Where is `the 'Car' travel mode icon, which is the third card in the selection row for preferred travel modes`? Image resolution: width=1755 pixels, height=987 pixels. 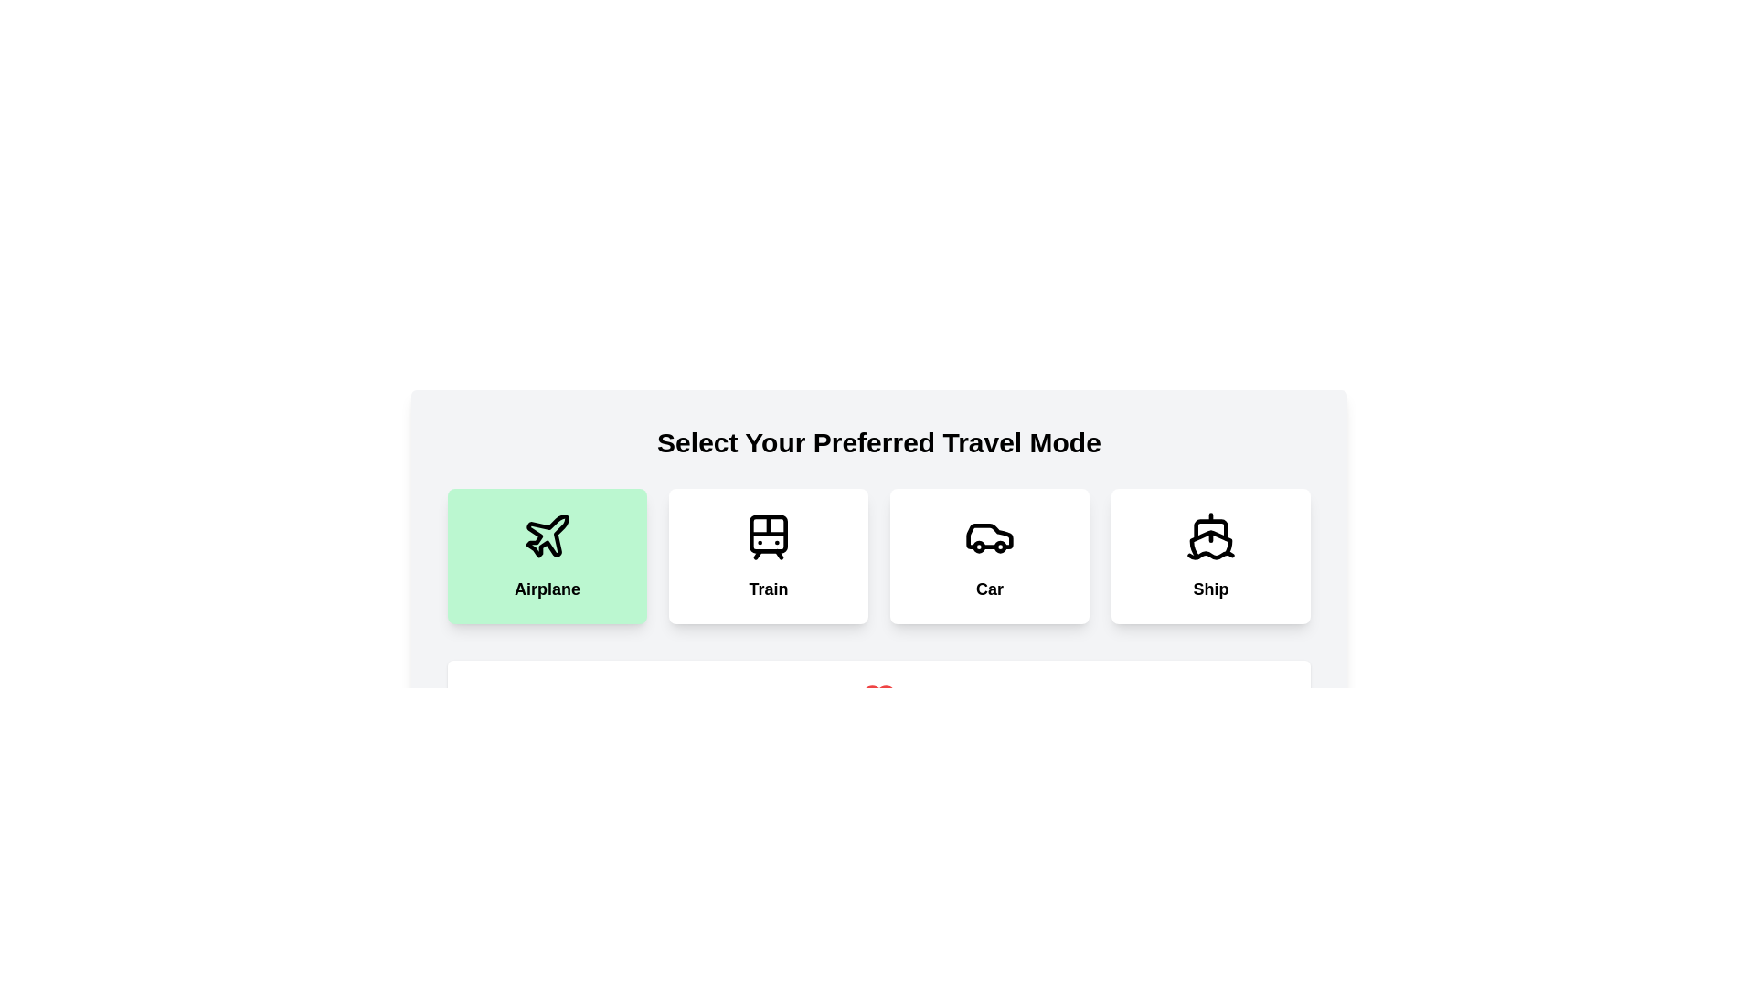 the 'Car' travel mode icon, which is the third card in the selection row for preferred travel modes is located at coordinates (989, 535).